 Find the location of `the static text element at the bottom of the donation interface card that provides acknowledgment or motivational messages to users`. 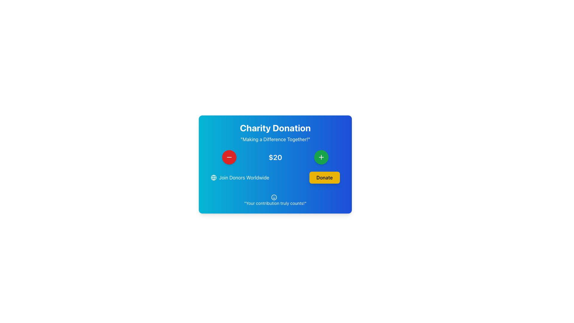

the static text element at the bottom of the donation interface card that provides acknowledgment or motivational messages to users is located at coordinates (275, 203).